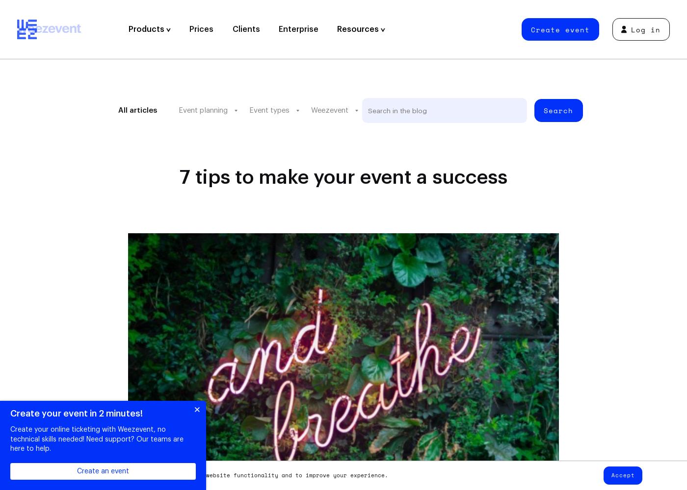 The width and height of the screenshot is (687, 490). What do you see at coordinates (185, 173) in the screenshot?
I see `'Marketing & Communication'` at bounding box center [185, 173].